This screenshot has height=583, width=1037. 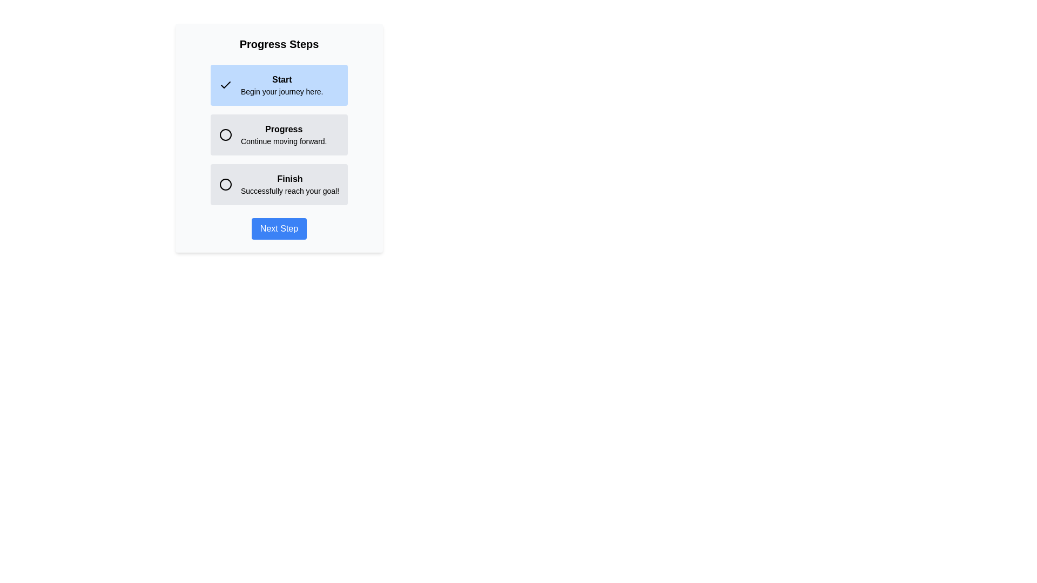 What do you see at coordinates (284, 134) in the screenshot?
I see `the text block containing the bolded title 'Progress' and the descriptive text 'Continue moving forward.', which is the second step in a vertically arranged list within a progress tracker` at bounding box center [284, 134].